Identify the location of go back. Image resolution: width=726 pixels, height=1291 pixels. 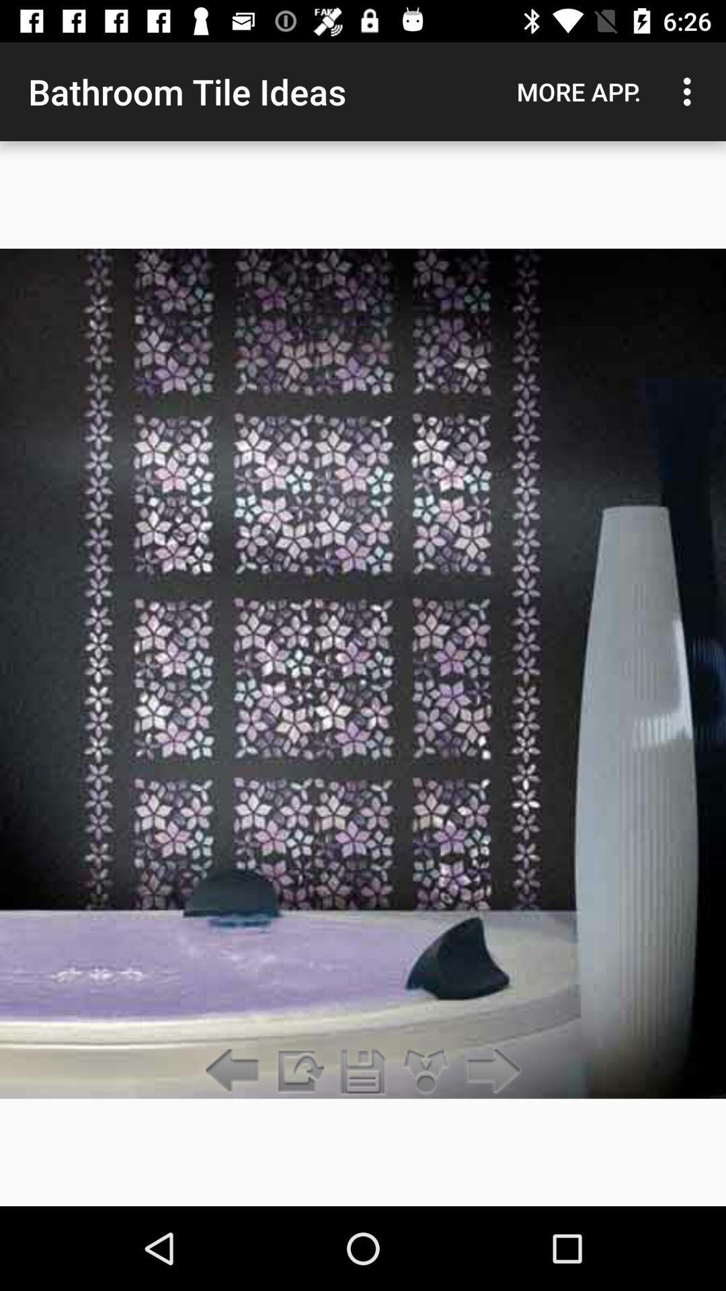
(235, 1071).